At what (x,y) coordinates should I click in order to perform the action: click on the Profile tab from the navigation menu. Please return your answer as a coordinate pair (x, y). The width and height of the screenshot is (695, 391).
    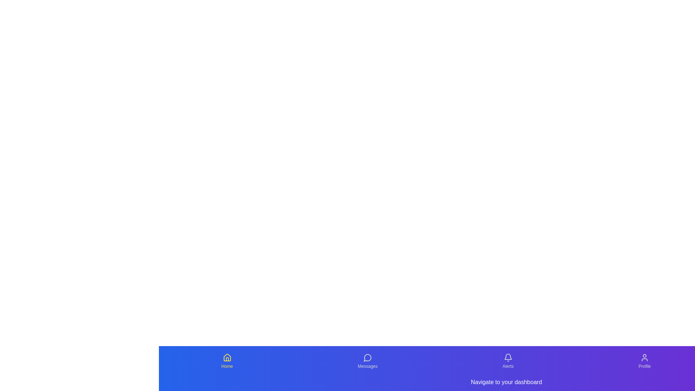
    Looking at the image, I should click on (644, 361).